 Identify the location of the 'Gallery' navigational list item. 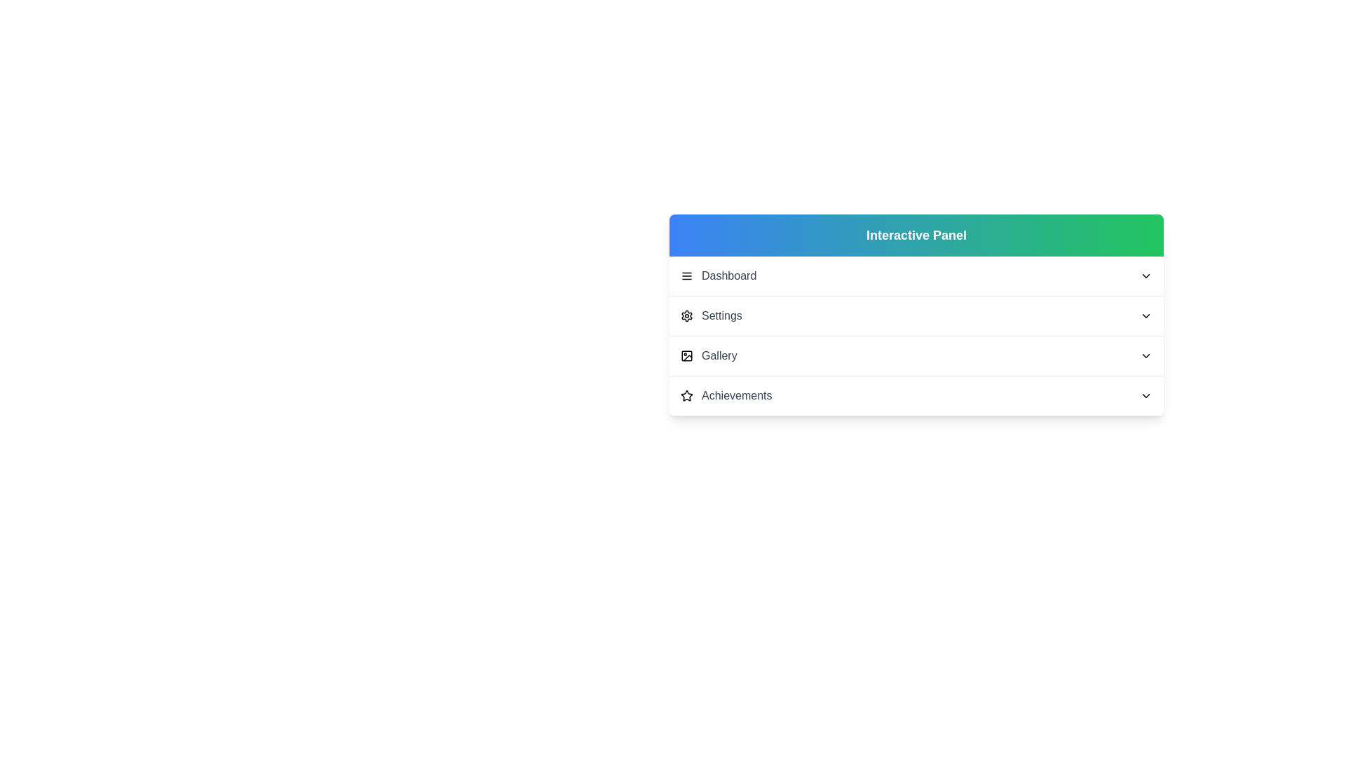
(916, 355).